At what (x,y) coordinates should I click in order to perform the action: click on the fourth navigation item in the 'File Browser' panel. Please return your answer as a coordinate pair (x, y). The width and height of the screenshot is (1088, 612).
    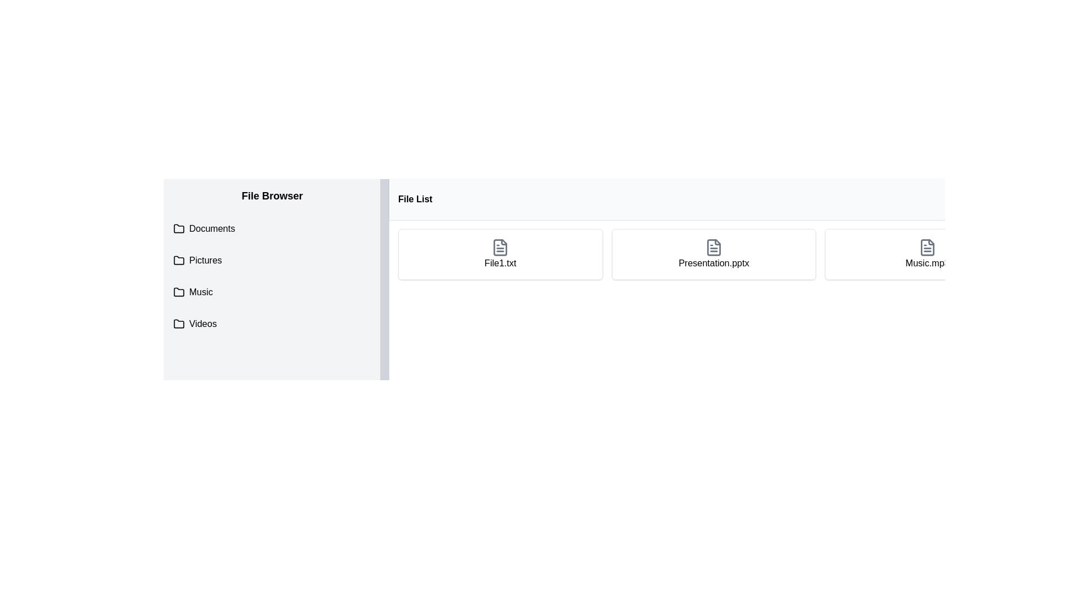
    Looking at the image, I should click on (272, 324).